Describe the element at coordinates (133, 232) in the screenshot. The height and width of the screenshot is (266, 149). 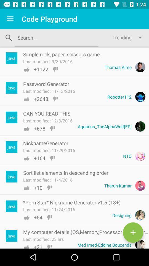
I see `new message` at that location.